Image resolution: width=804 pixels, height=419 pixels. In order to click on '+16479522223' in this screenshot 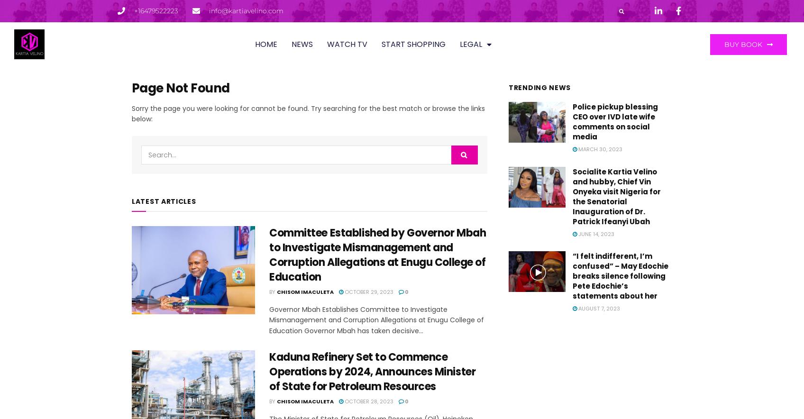, I will do `click(156, 10)`.